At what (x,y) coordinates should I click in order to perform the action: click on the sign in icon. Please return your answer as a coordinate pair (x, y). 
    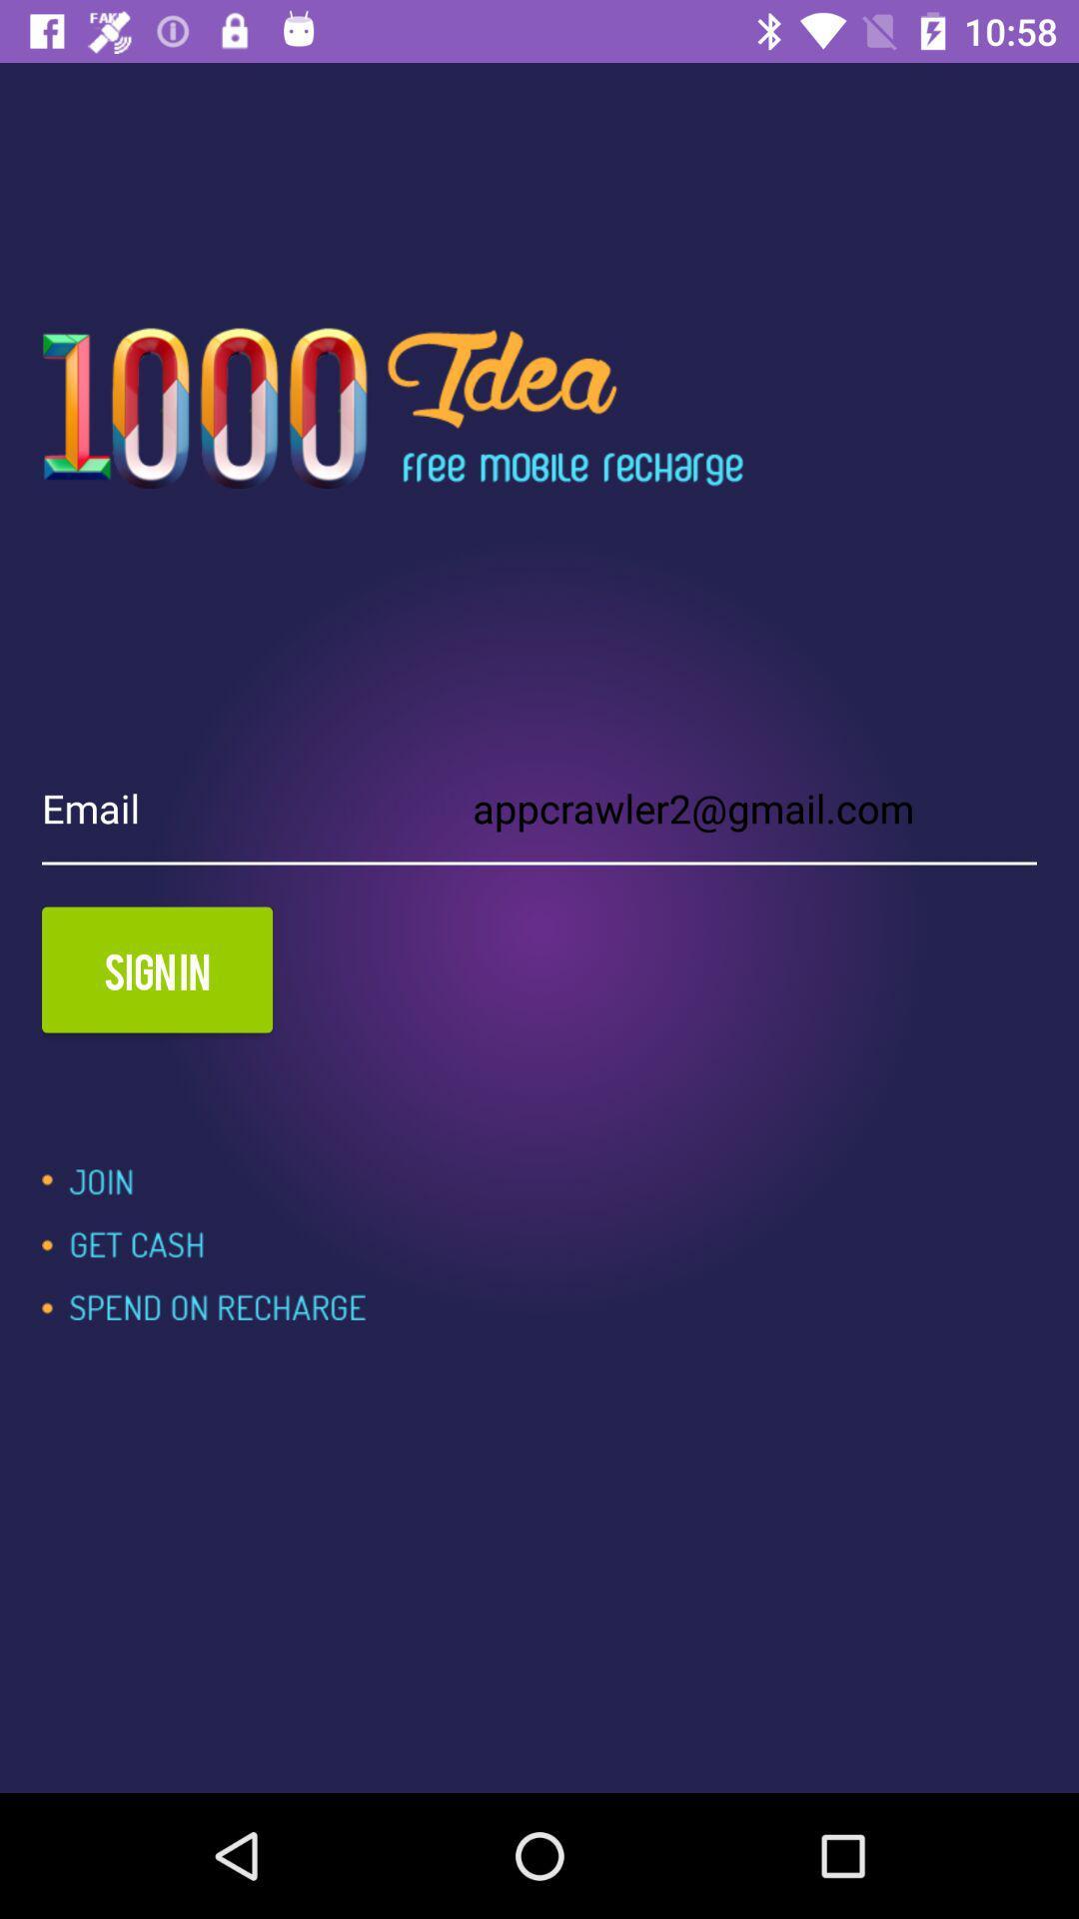
    Looking at the image, I should click on (156, 969).